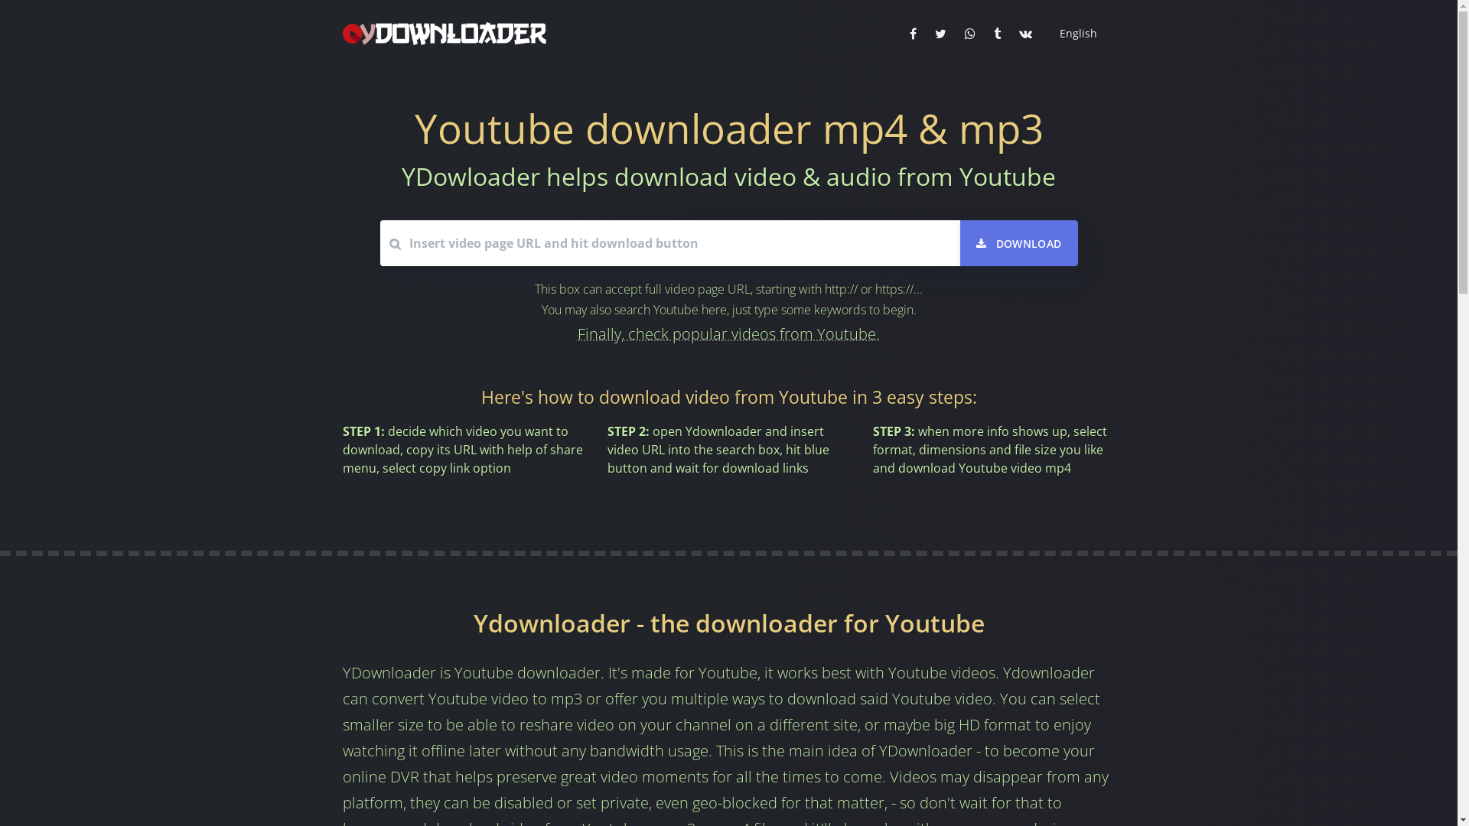 The image size is (1469, 826). I want to click on 'DOWNLOAD', so click(1019, 242).